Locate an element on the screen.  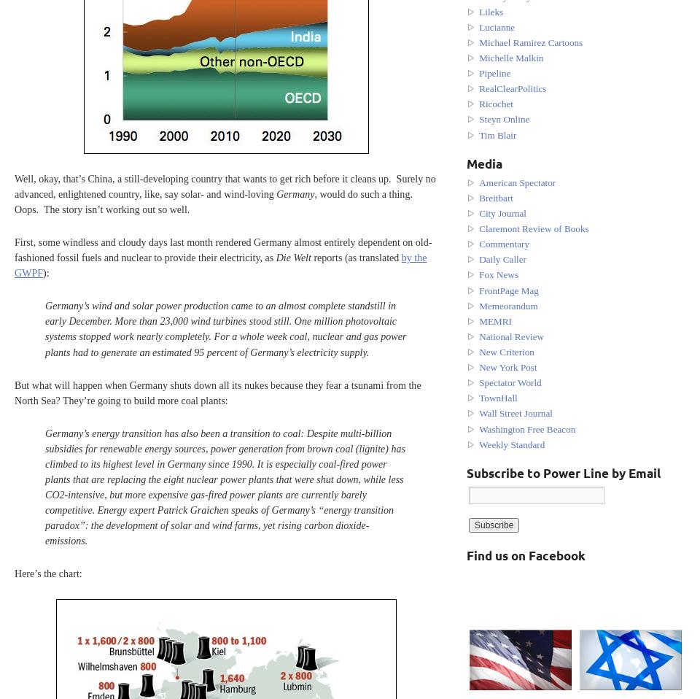
'):' is located at coordinates (45, 272).